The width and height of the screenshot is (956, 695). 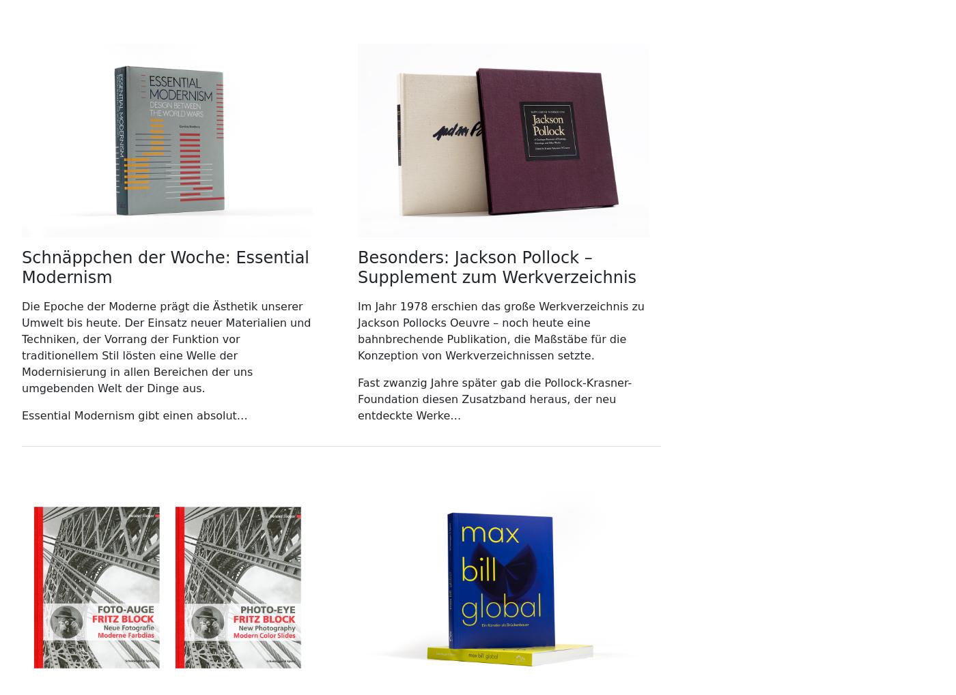 I want to click on 'Die späten Werke von Ernst Ludwig Kirchner und Jens Ferdinand Willumsen', so click(x=97, y=490).